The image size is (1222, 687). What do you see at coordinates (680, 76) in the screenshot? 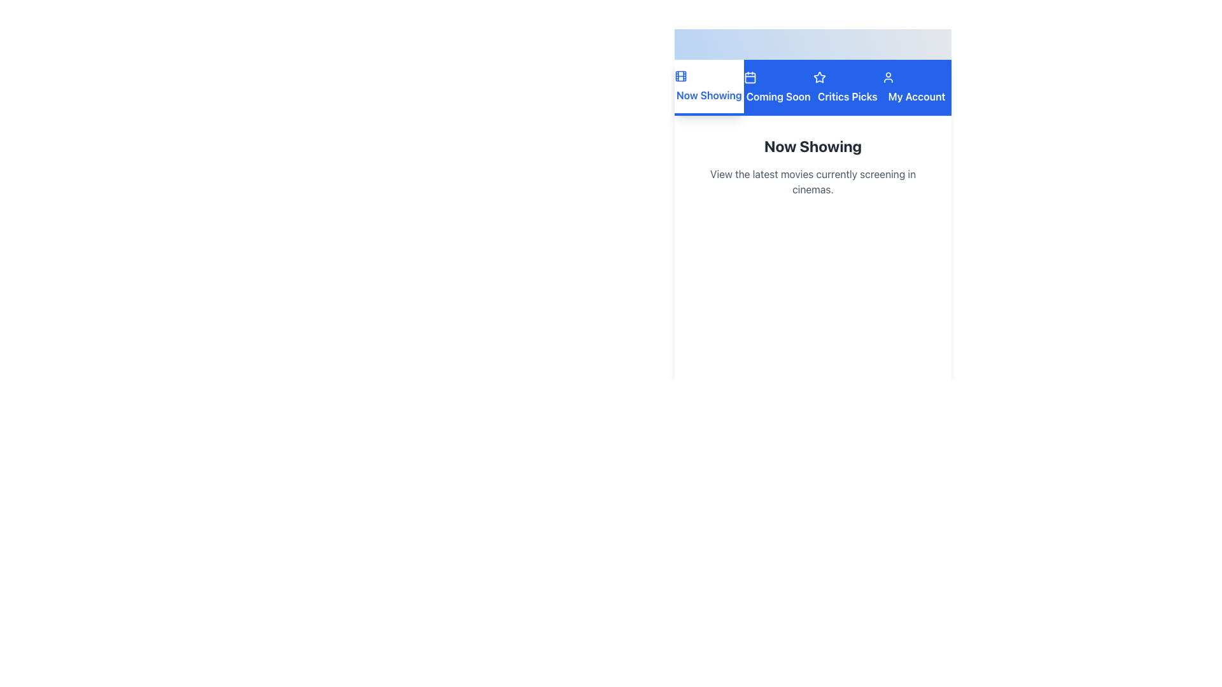
I see `the 'Now Showing' icon located at the leftmost end of the horizontal navigation bar near the top of the interface` at bounding box center [680, 76].